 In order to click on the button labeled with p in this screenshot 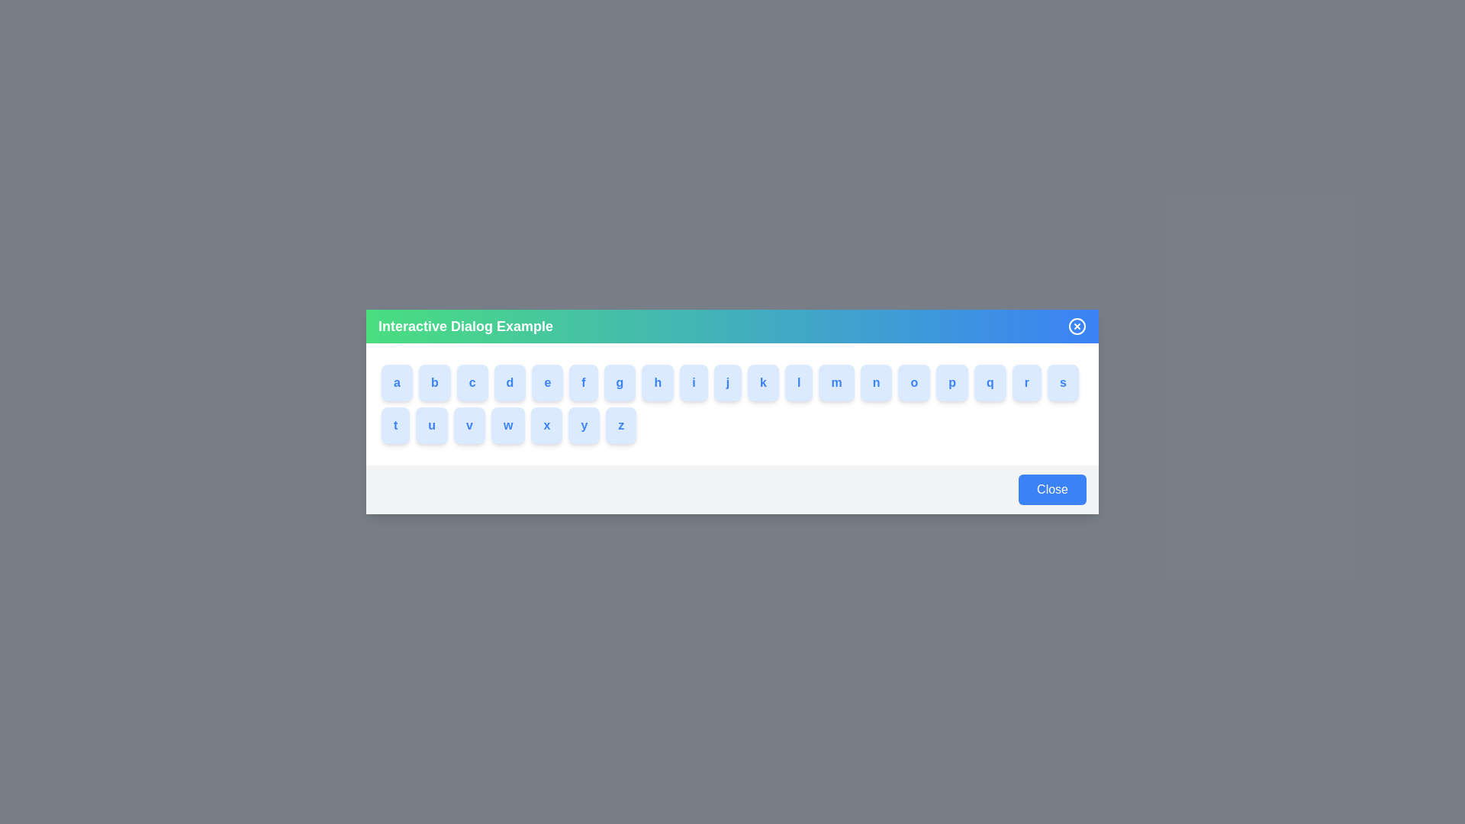, I will do `click(968, 381)`.